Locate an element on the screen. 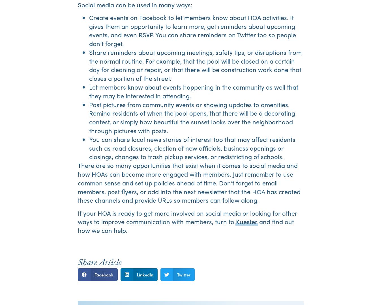  'and find out how we can help.' is located at coordinates (186, 226).